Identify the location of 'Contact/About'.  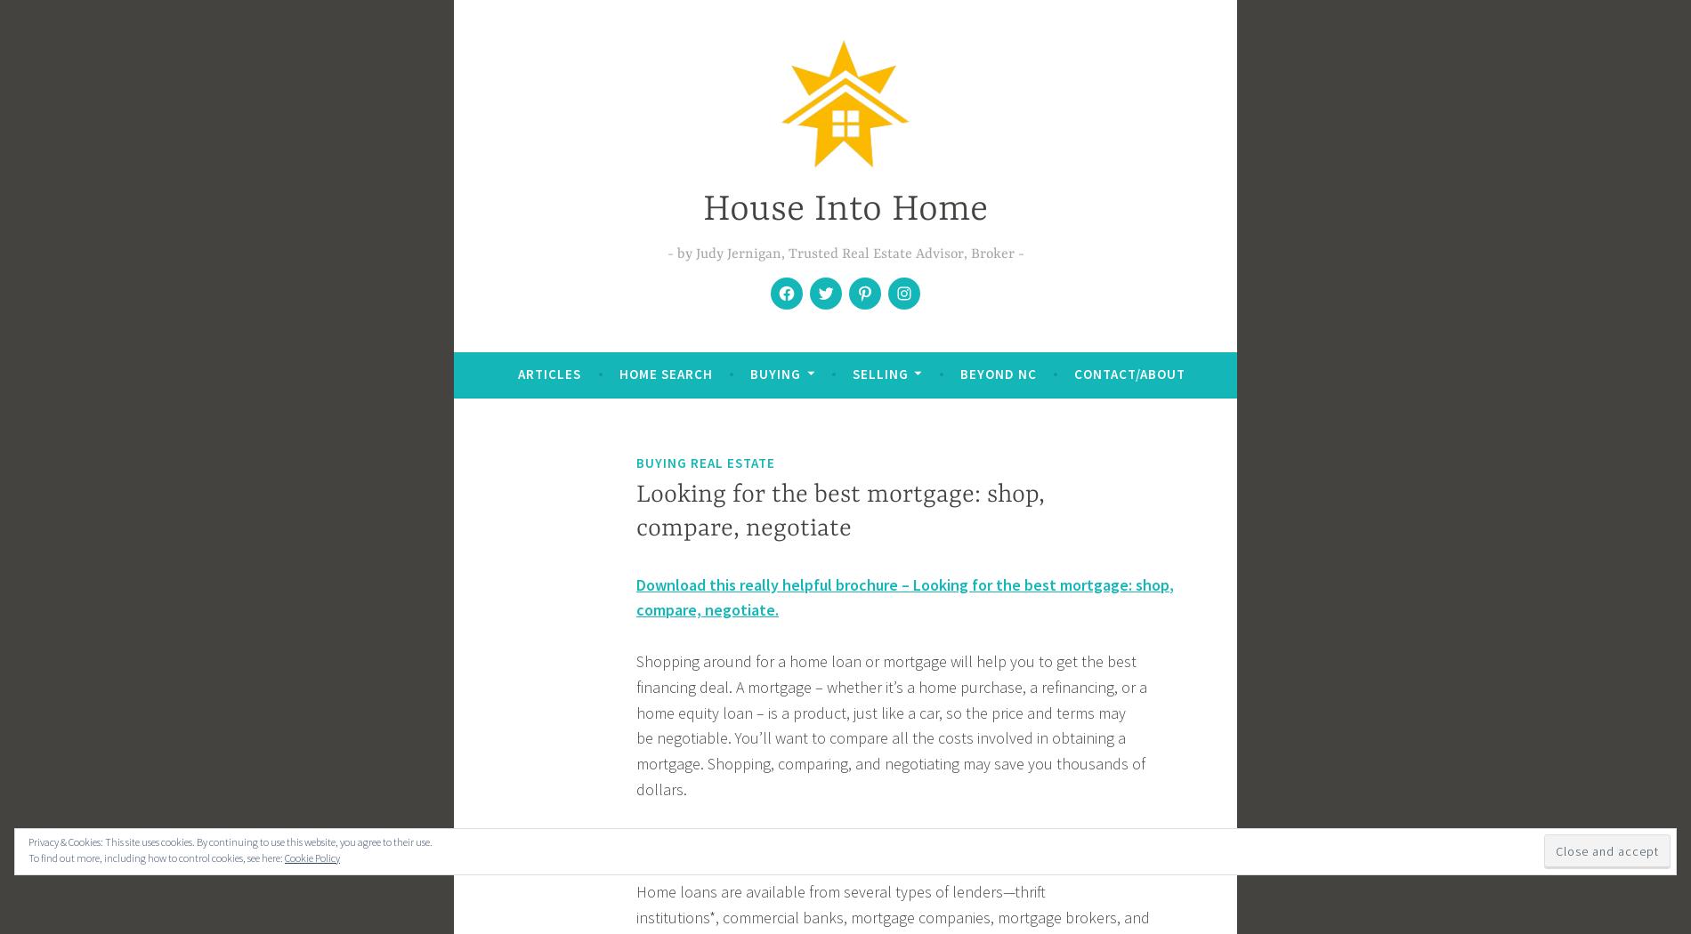
(1073, 372).